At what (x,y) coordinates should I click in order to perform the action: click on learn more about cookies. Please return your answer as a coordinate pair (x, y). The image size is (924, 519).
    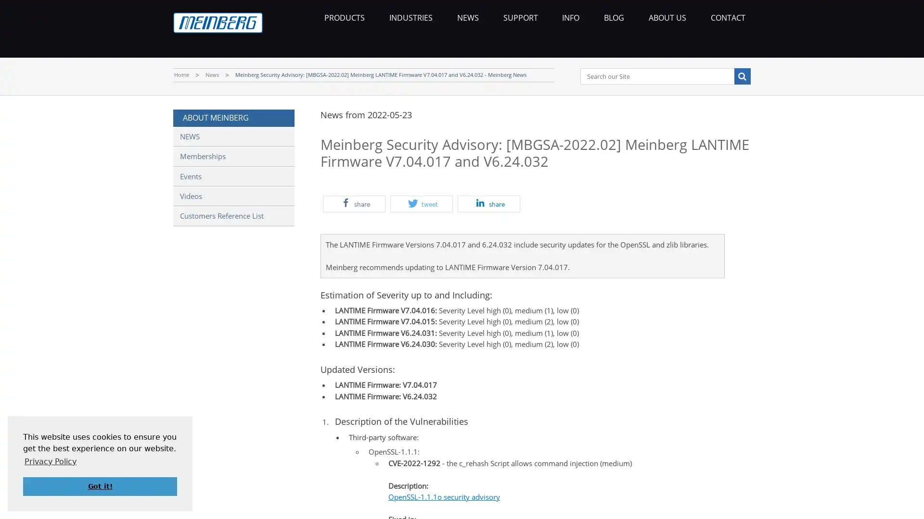
    Looking at the image, I should click on (50, 461).